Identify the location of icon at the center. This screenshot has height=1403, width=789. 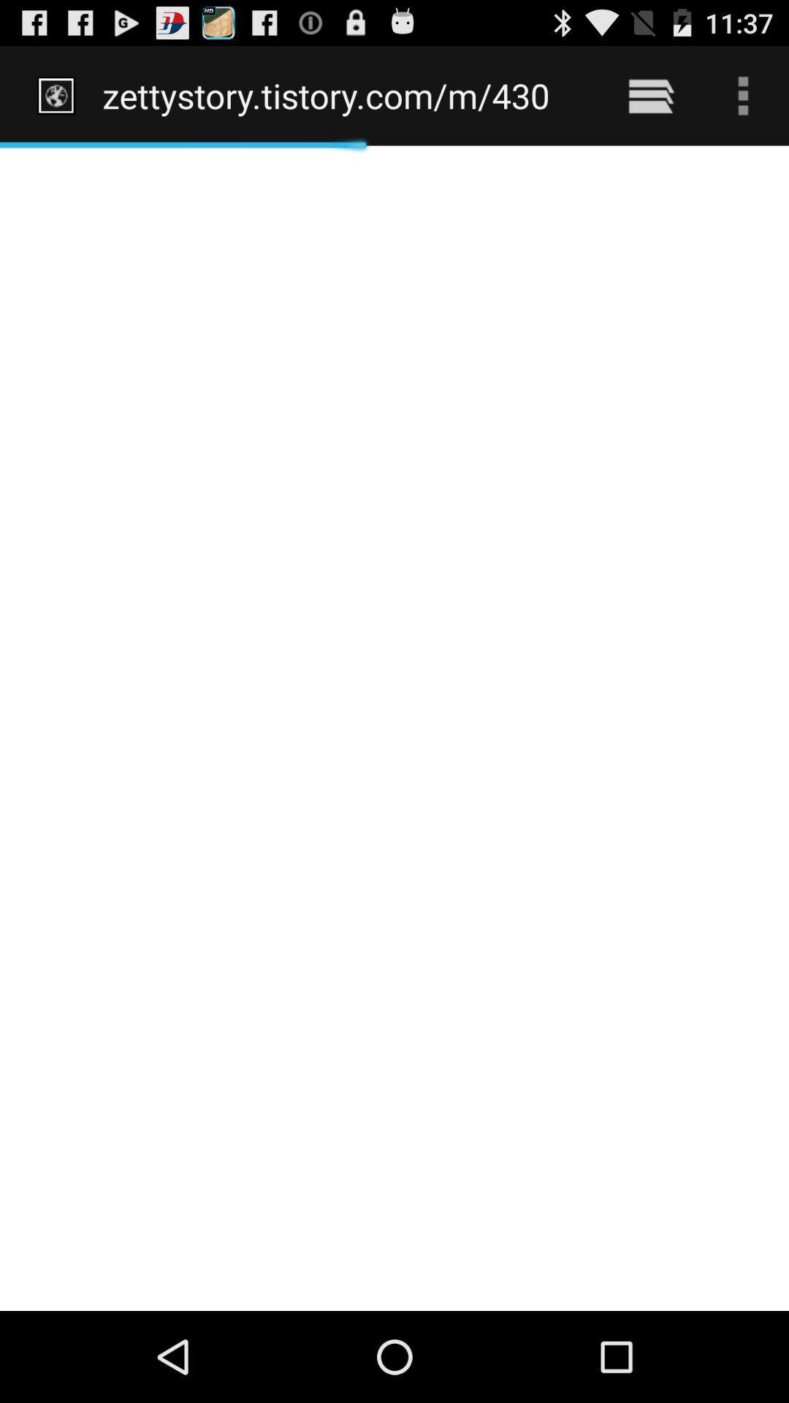
(394, 728).